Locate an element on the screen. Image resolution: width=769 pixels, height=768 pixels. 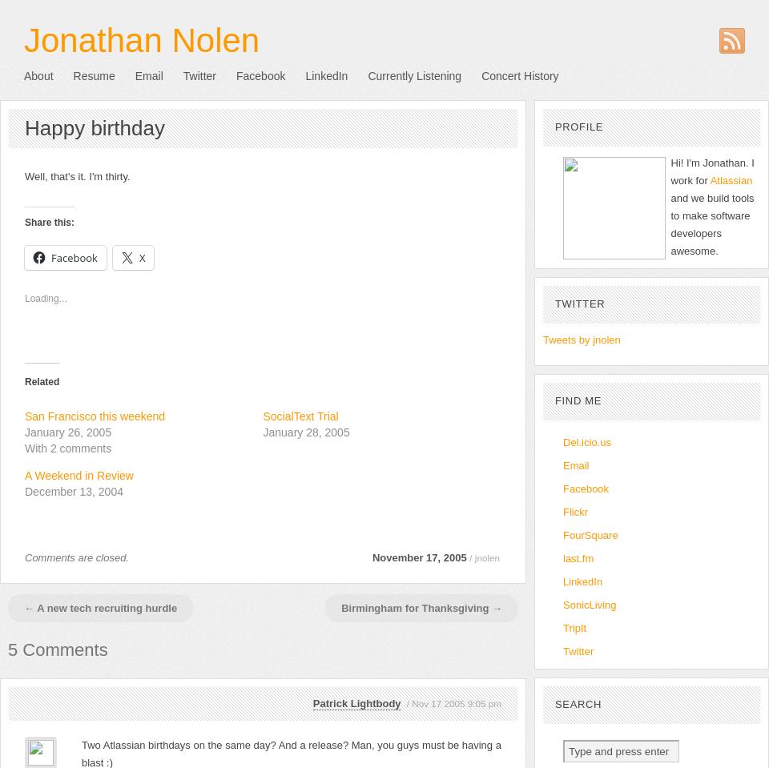
'Find me' is located at coordinates (578, 400).